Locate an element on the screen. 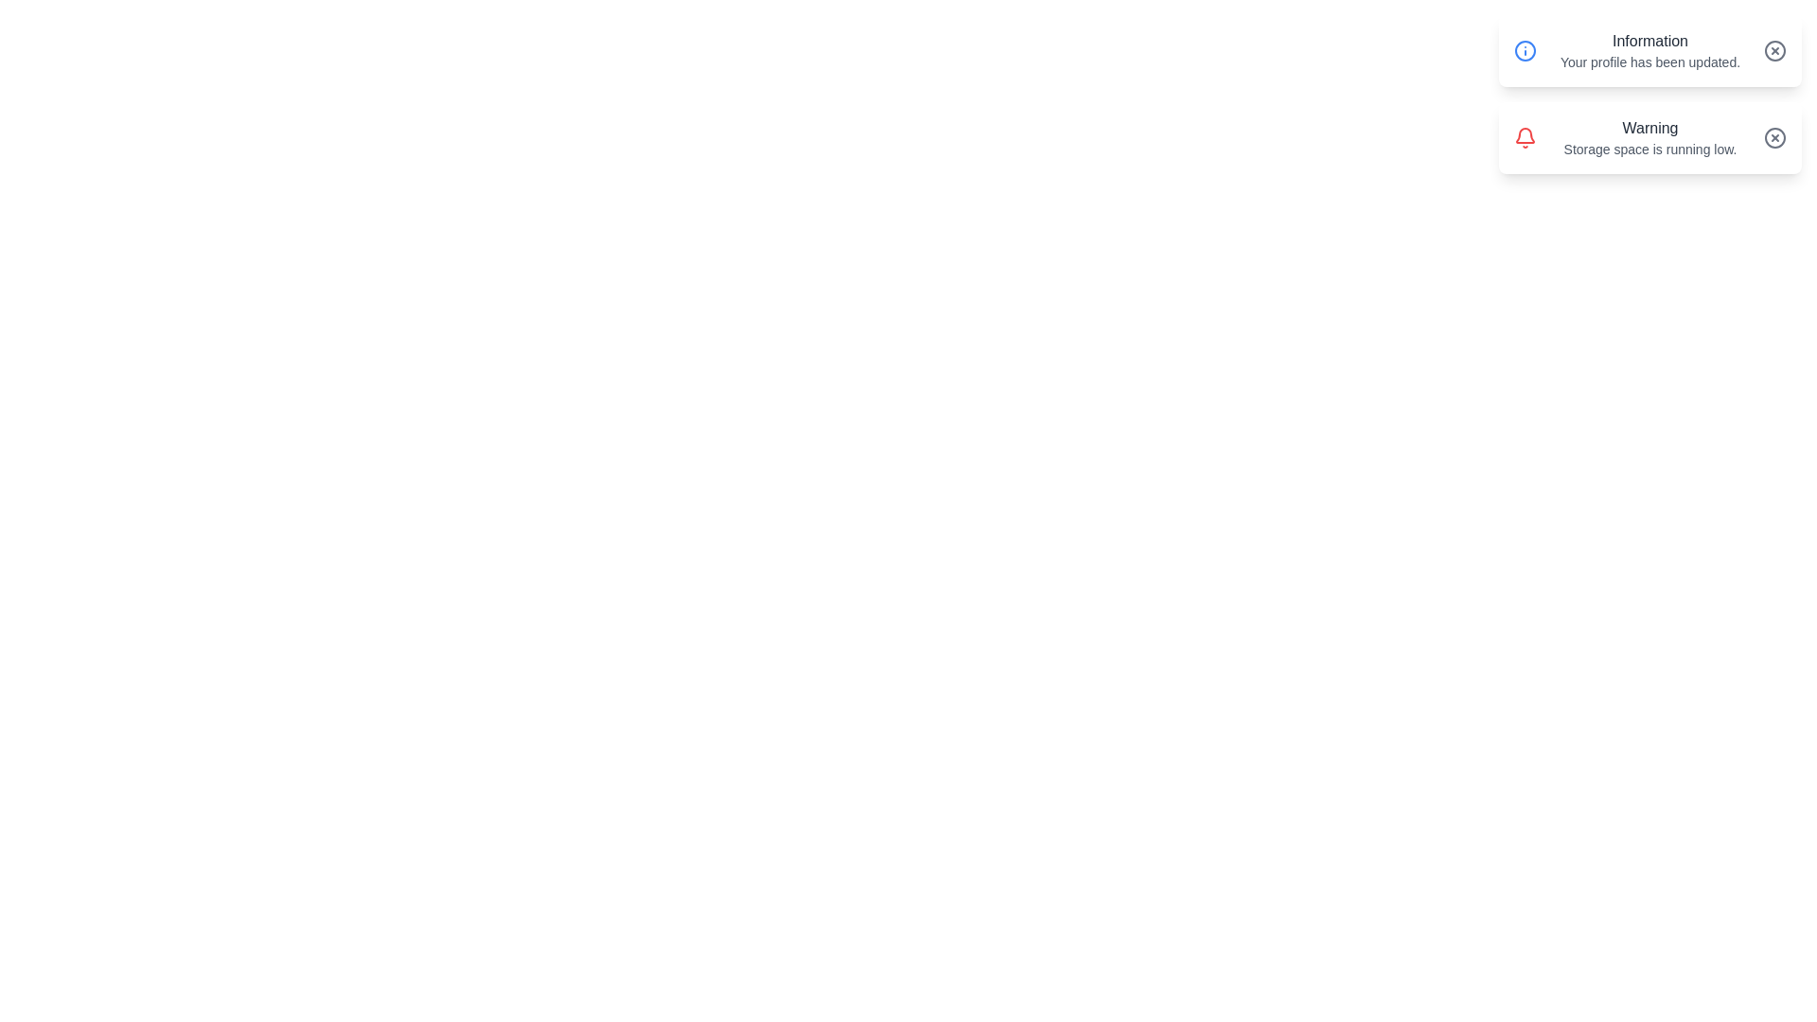 The image size is (1817, 1022). the bolded text displaying 'Warning' in the notification message located at the top of the message, above the subtext 'Storage space is running low' is located at coordinates (1649, 128).